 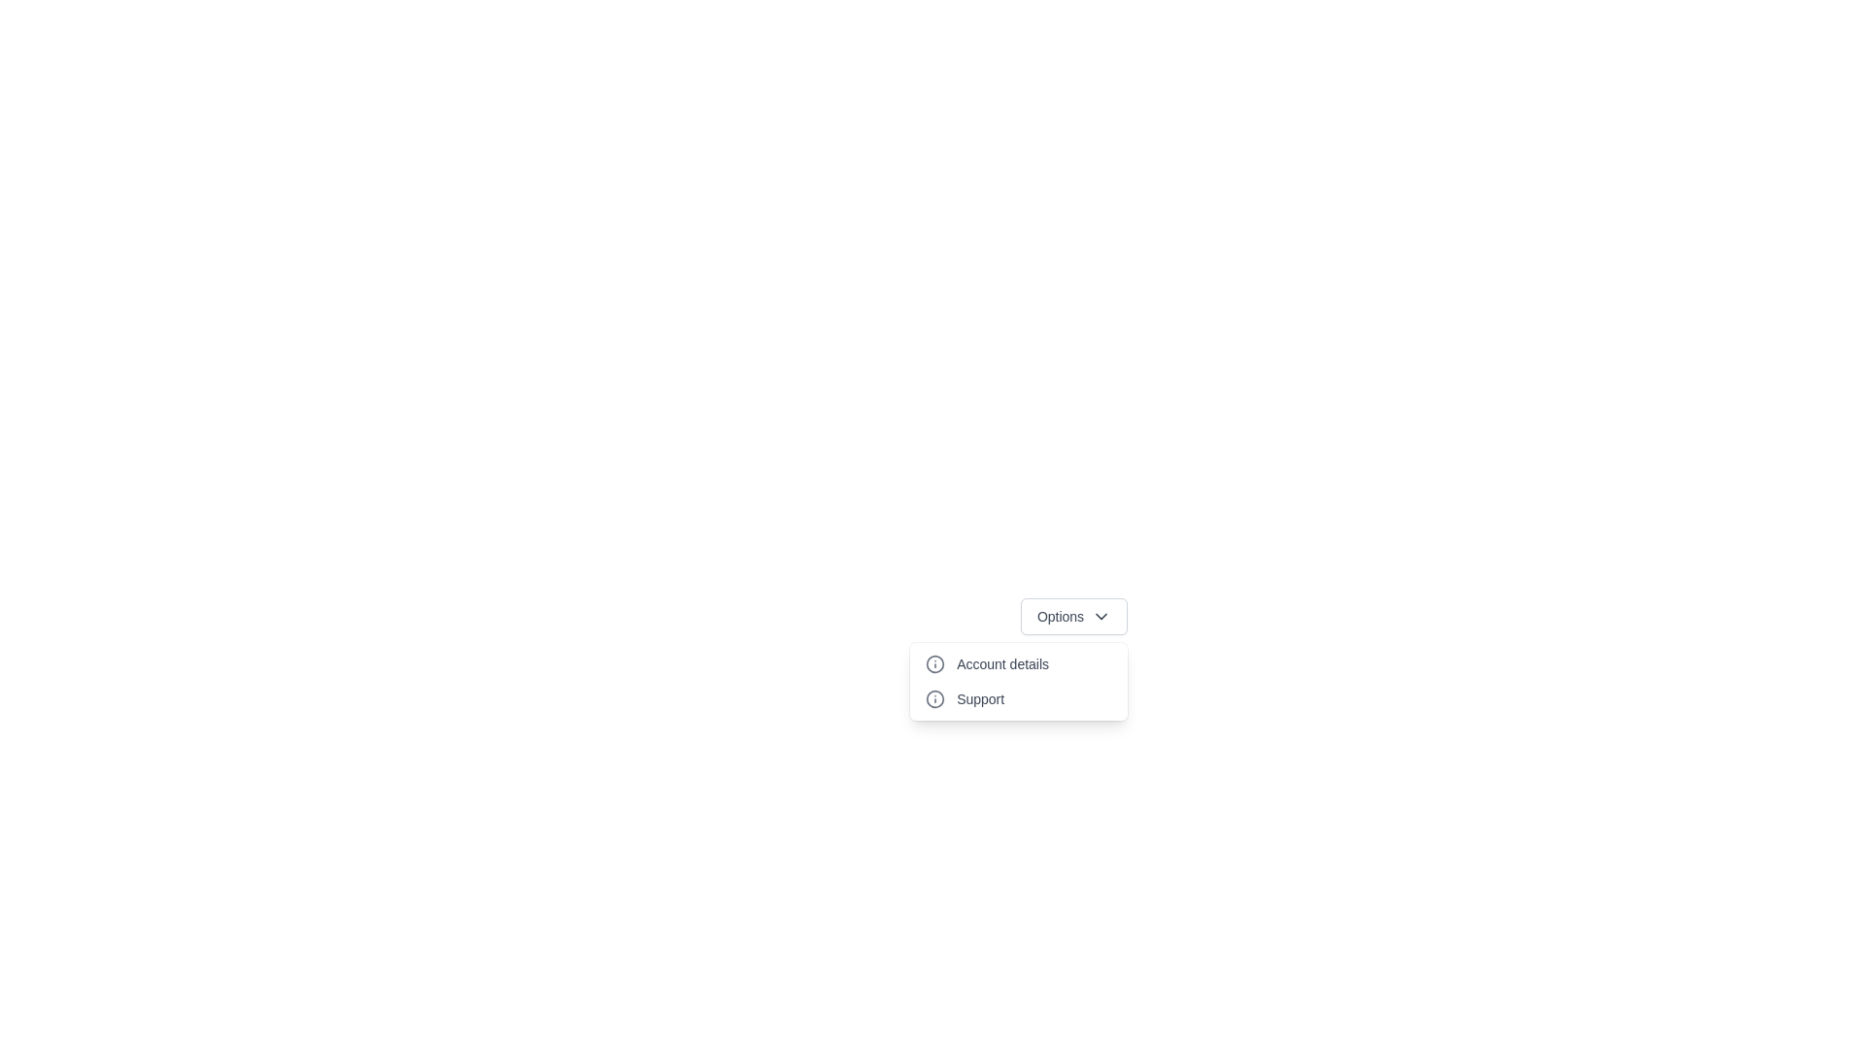 What do you see at coordinates (935, 662) in the screenshot?
I see `the circular icon located to the left of the 'Account details' text in the dropdown menu, serving as its visual identifier` at bounding box center [935, 662].